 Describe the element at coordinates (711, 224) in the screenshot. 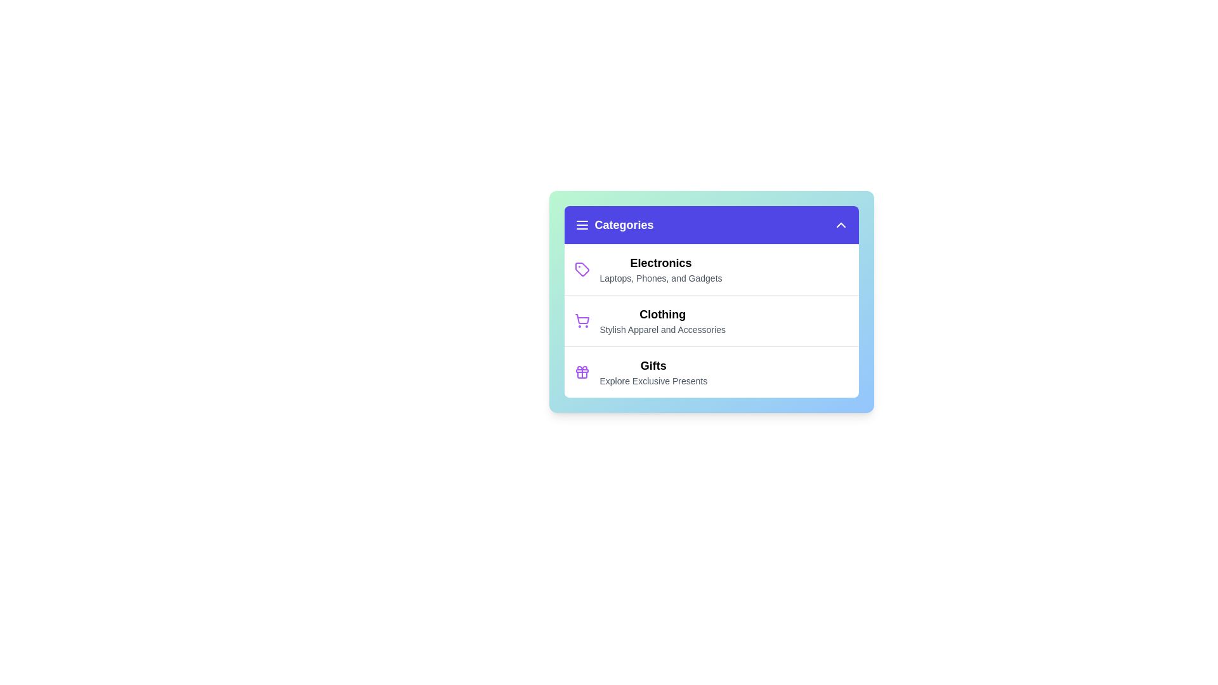

I see `the header of the menu to toggle its open or closed state` at that location.